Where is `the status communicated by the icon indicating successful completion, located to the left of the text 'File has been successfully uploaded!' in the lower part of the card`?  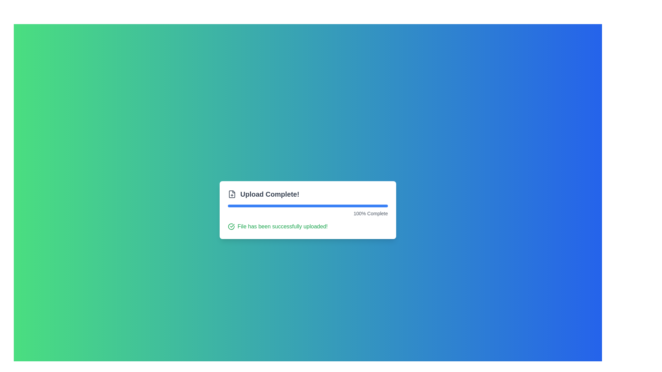
the status communicated by the icon indicating successful completion, located to the left of the text 'File has been successfully uploaded!' in the lower part of the card is located at coordinates (231, 227).